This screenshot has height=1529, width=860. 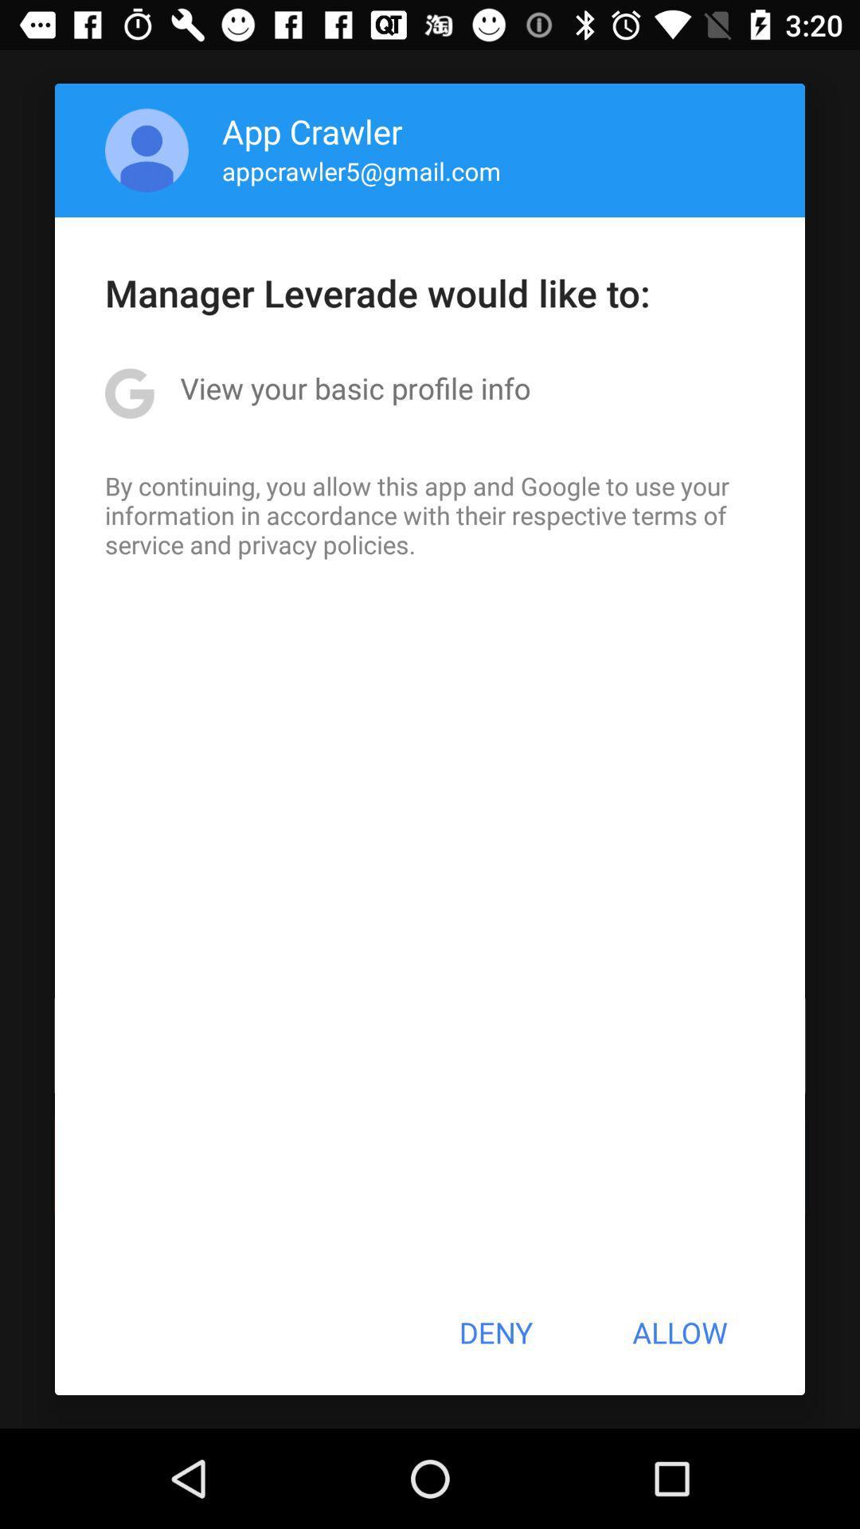 I want to click on icon below manager leverade would item, so click(x=354, y=388).